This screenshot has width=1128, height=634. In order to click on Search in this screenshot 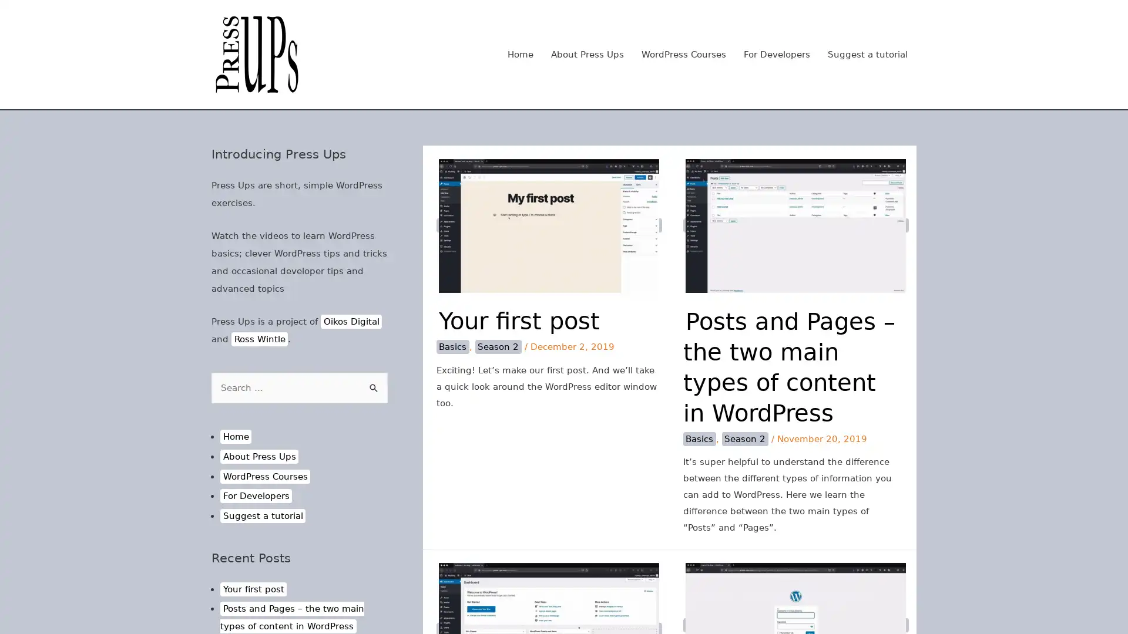, I will do `click(374, 388)`.